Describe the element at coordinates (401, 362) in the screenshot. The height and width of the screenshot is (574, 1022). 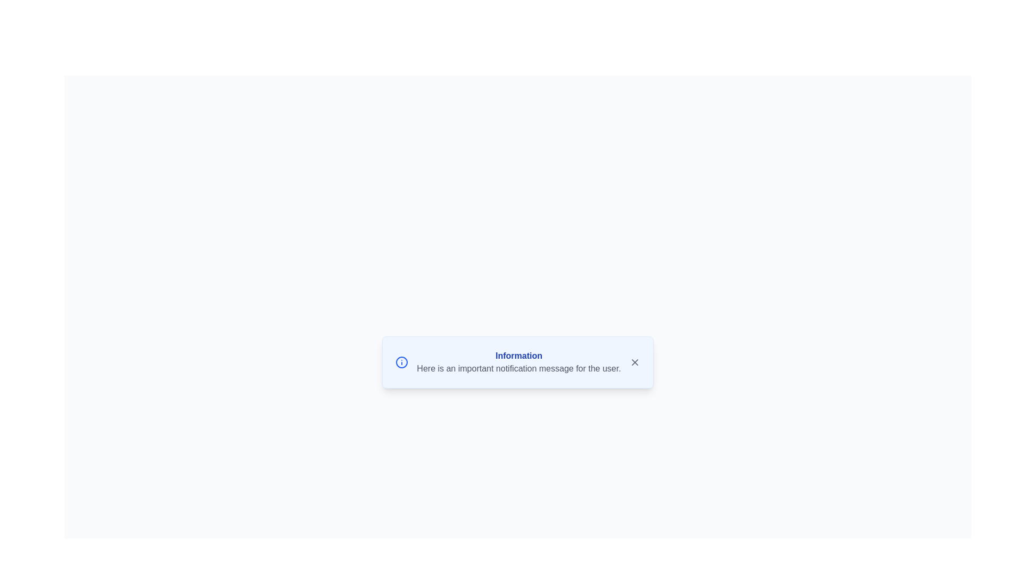
I see `the circular border graphical component located slightly to the left within the notification card` at that location.